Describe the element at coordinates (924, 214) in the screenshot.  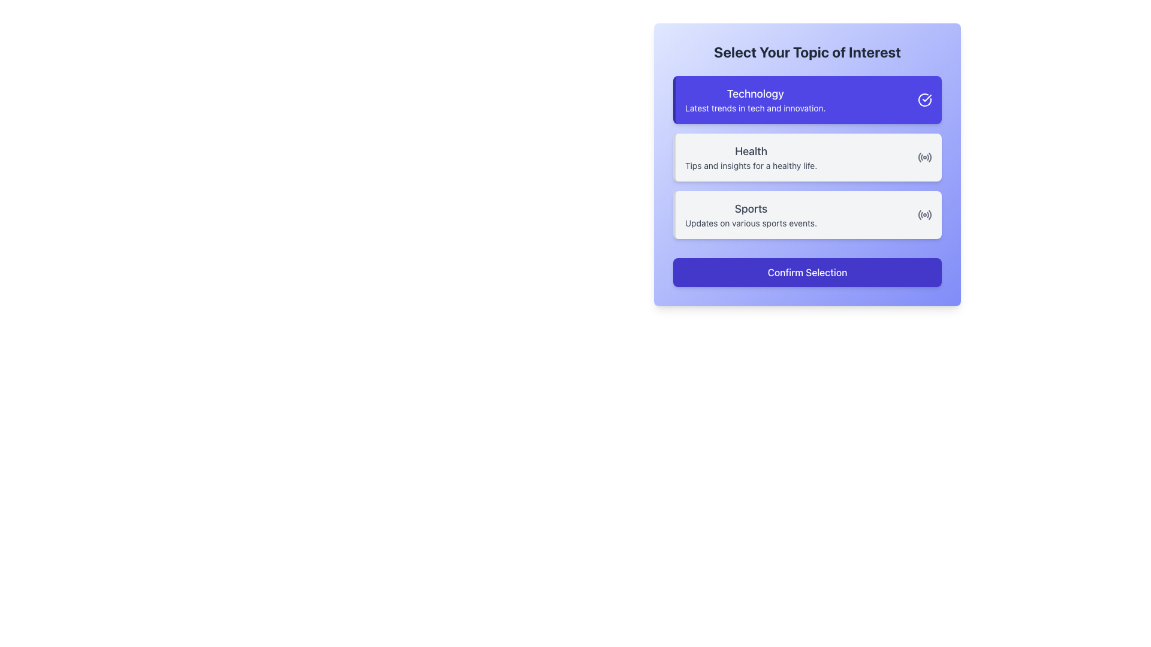
I see `the 'Sports' topic icon that visually indicates the inclusion or selection of live events, located on the right side of the interest selection panel` at that location.